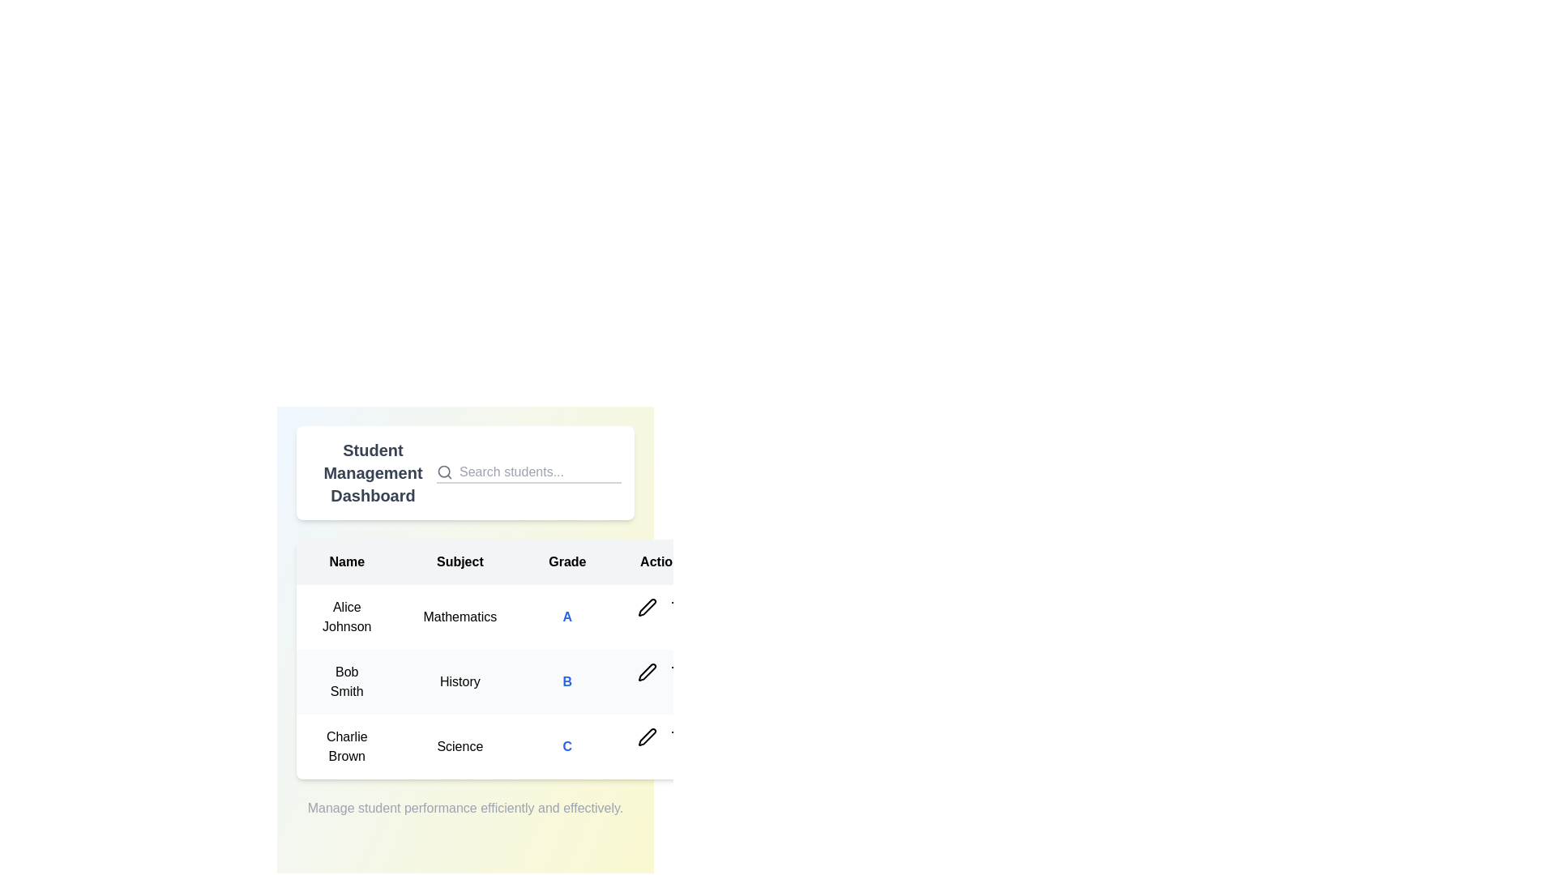 Image resolution: width=1556 pixels, height=875 pixels. Describe the element at coordinates (567, 561) in the screenshot. I see `the Table Header that identifies the column containing grades, positioned centrally between 'Subject' and 'Actions' in the header row` at that location.